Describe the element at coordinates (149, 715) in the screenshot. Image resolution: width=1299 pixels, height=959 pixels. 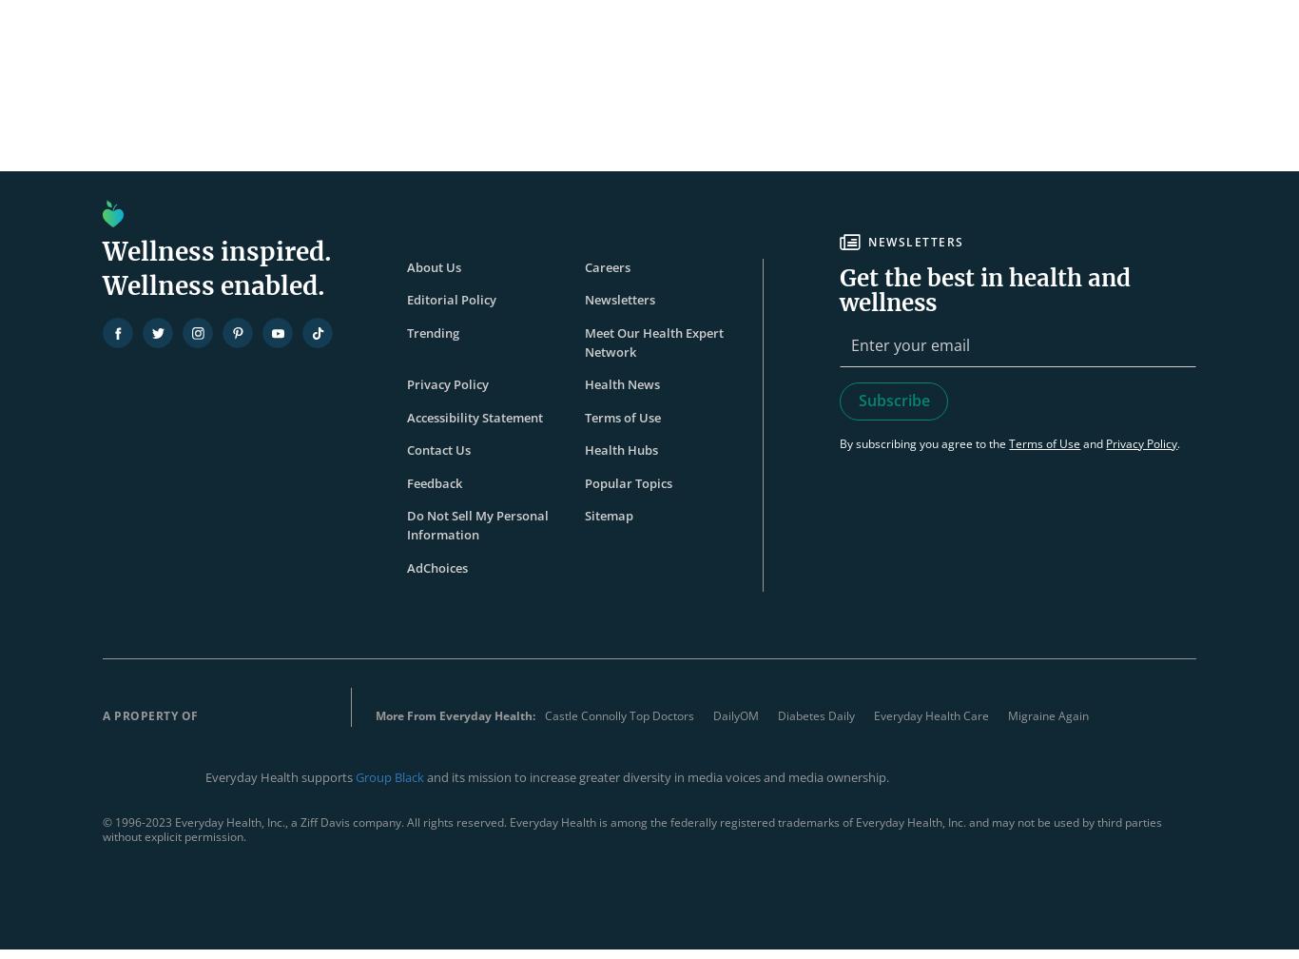
I see `'A PROPERTY OF'` at that location.